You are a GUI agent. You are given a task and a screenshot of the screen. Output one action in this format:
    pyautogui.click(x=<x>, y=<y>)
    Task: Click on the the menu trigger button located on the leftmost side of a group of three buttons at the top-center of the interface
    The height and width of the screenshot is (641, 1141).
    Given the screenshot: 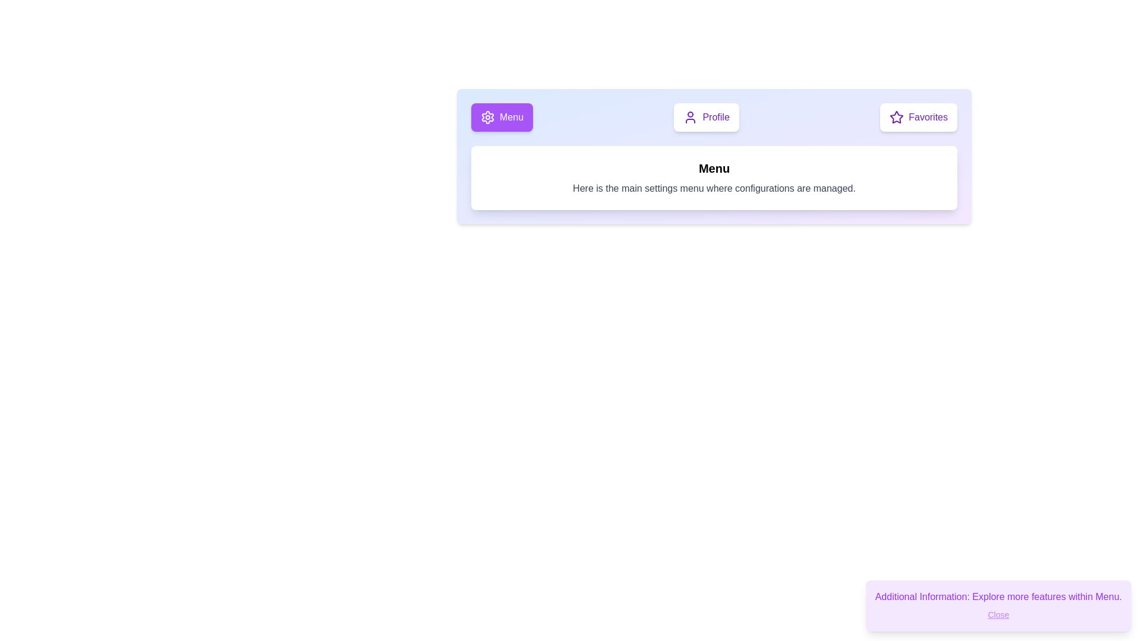 What is the action you would take?
    pyautogui.click(x=502, y=117)
    